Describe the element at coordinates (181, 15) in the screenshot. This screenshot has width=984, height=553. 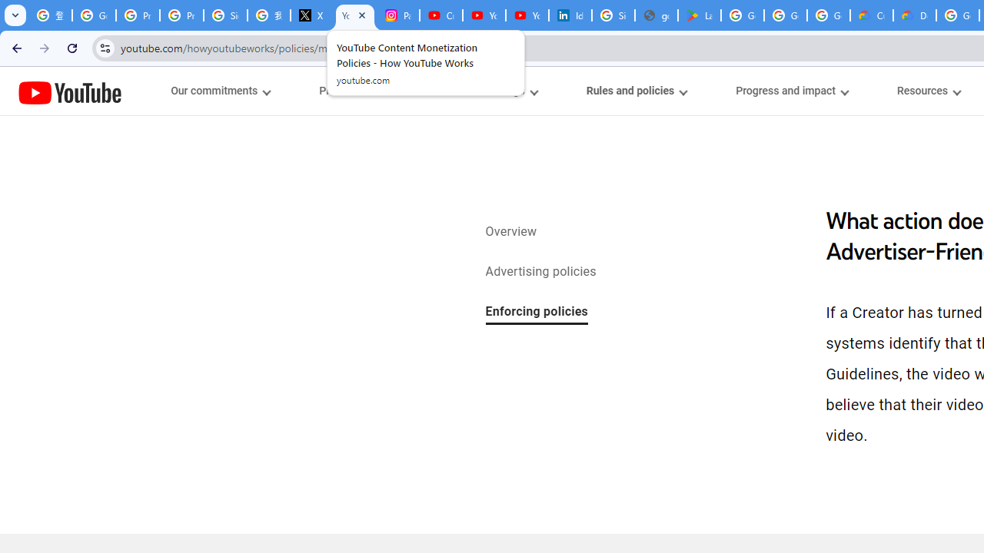
I see `'Privacy Help Center - Policies Help'` at that location.